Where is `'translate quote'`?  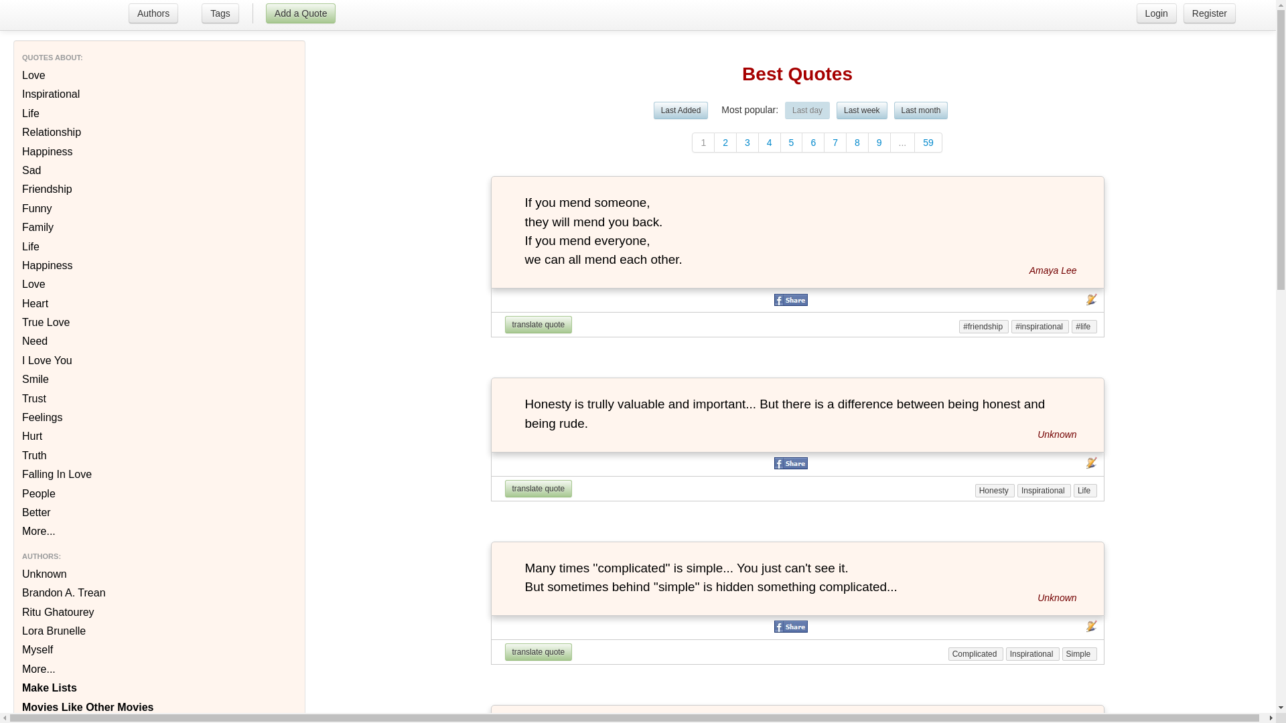
'translate quote' is located at coordinates (539, 325).